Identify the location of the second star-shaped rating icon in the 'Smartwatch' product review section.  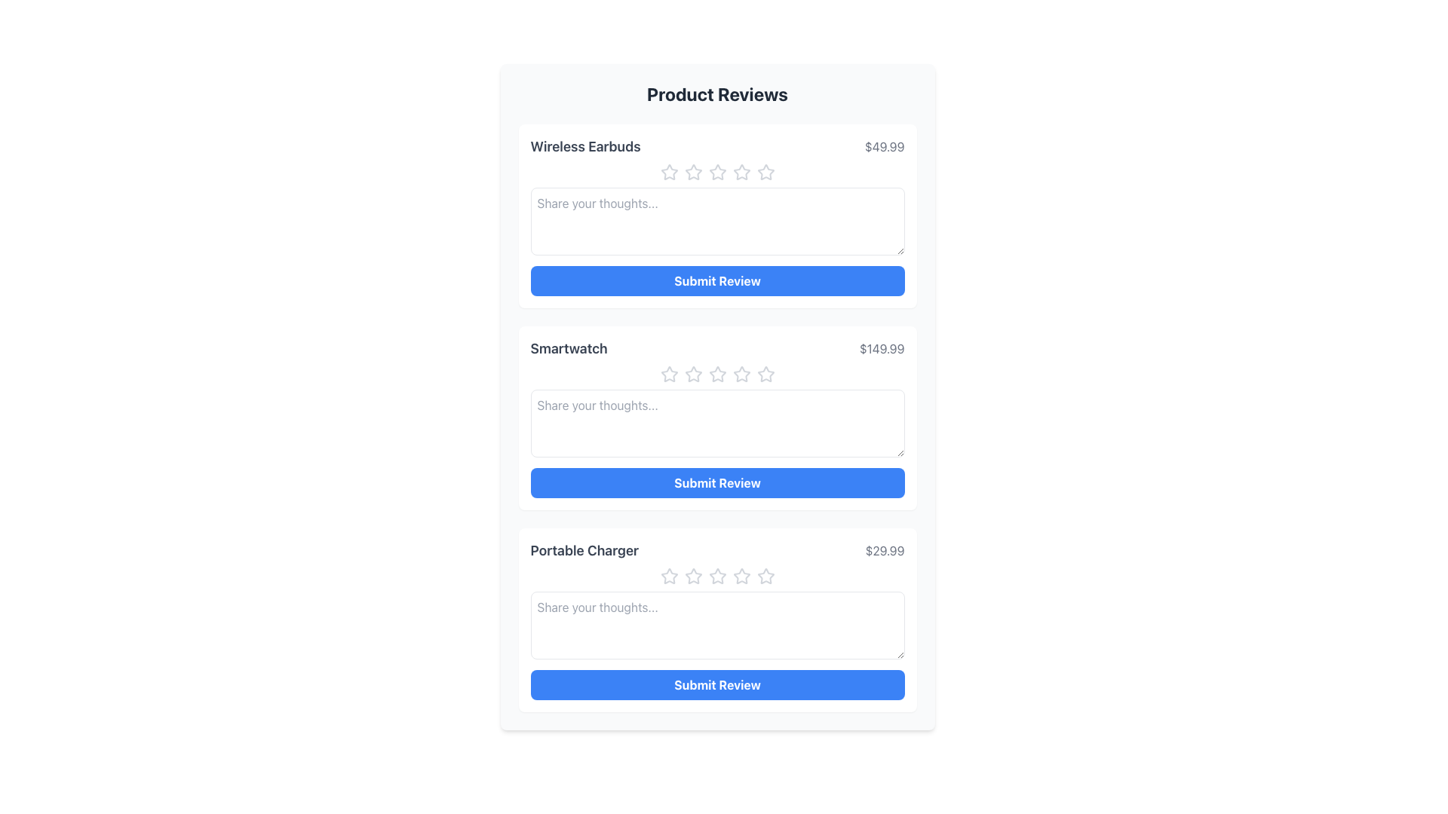
(716, 373).